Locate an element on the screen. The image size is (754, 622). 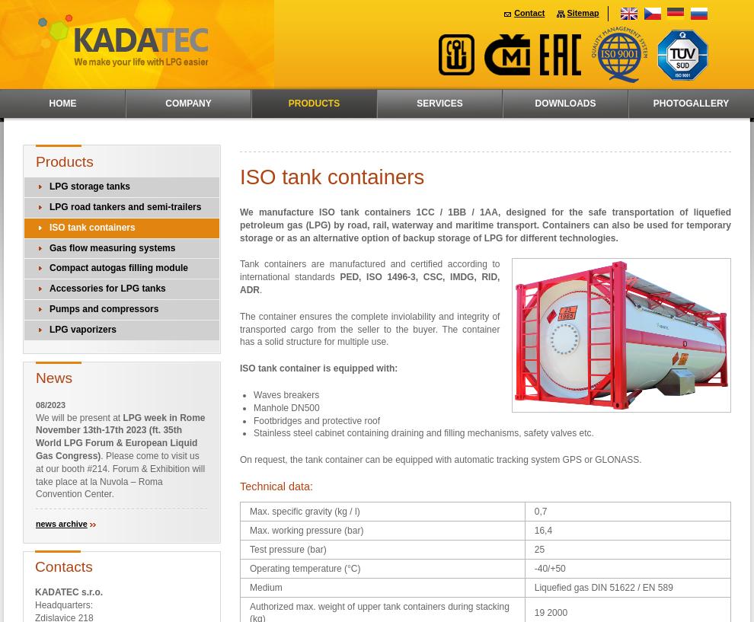
'Downloads' is located at coordinates (564, 104).